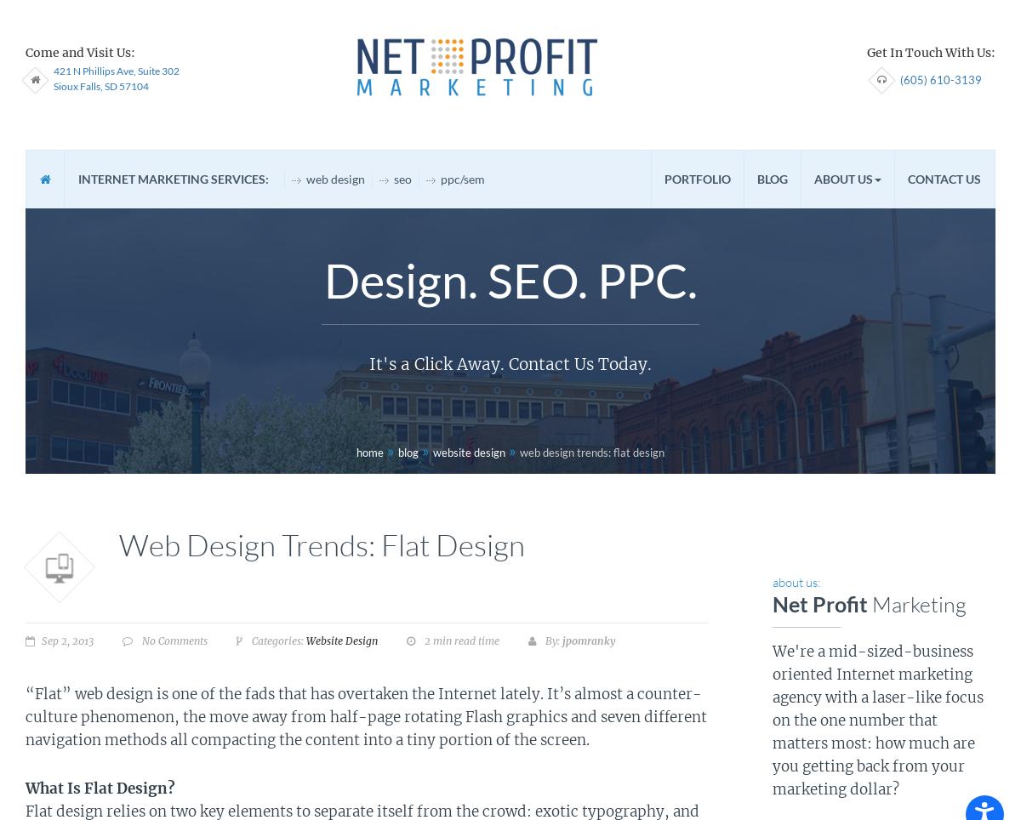 The image size is (1021, 820). I want to click on 'It's a Click Away. Contact Us Today.', so click(510, 362).